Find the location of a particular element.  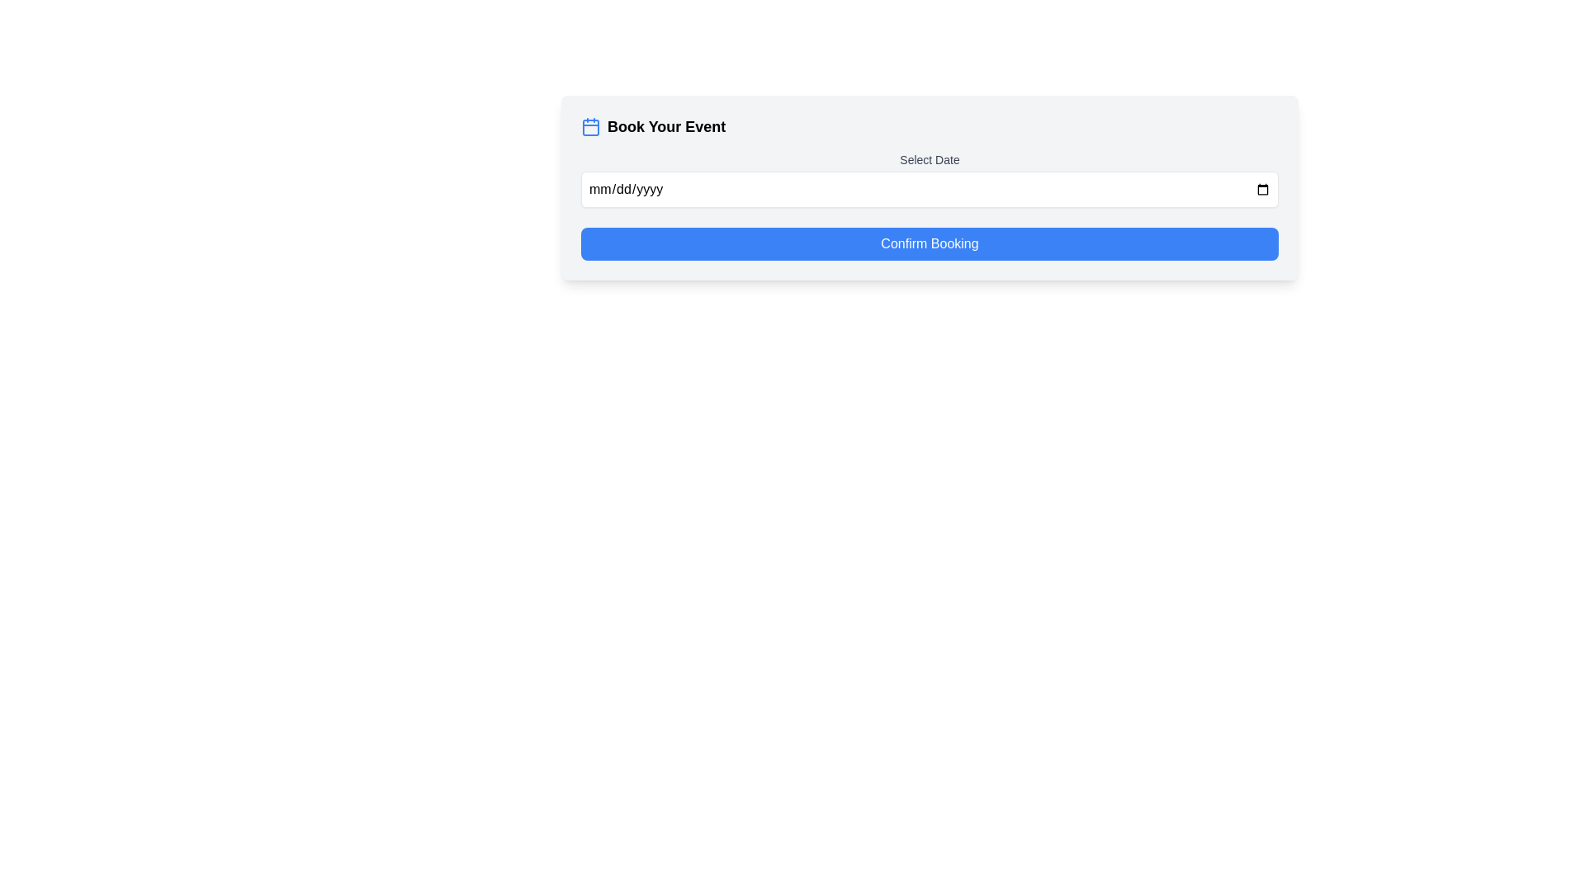

the date input field located under the 'Select Date' label is located at coordinates (930, 189).